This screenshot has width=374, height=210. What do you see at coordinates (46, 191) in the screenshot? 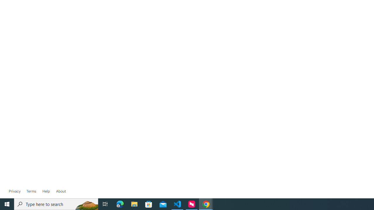
I see `'Help'` at bounding box center [46, 191].